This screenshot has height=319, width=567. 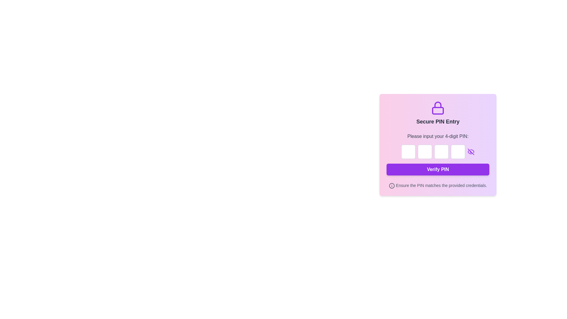 What do you see at coordinates (470, 151) in the screenshot?
I see `the visibility toggle button located to the right of the last PIN input field, which switches between masked and unmasked states` at bounding box center [470, 151].